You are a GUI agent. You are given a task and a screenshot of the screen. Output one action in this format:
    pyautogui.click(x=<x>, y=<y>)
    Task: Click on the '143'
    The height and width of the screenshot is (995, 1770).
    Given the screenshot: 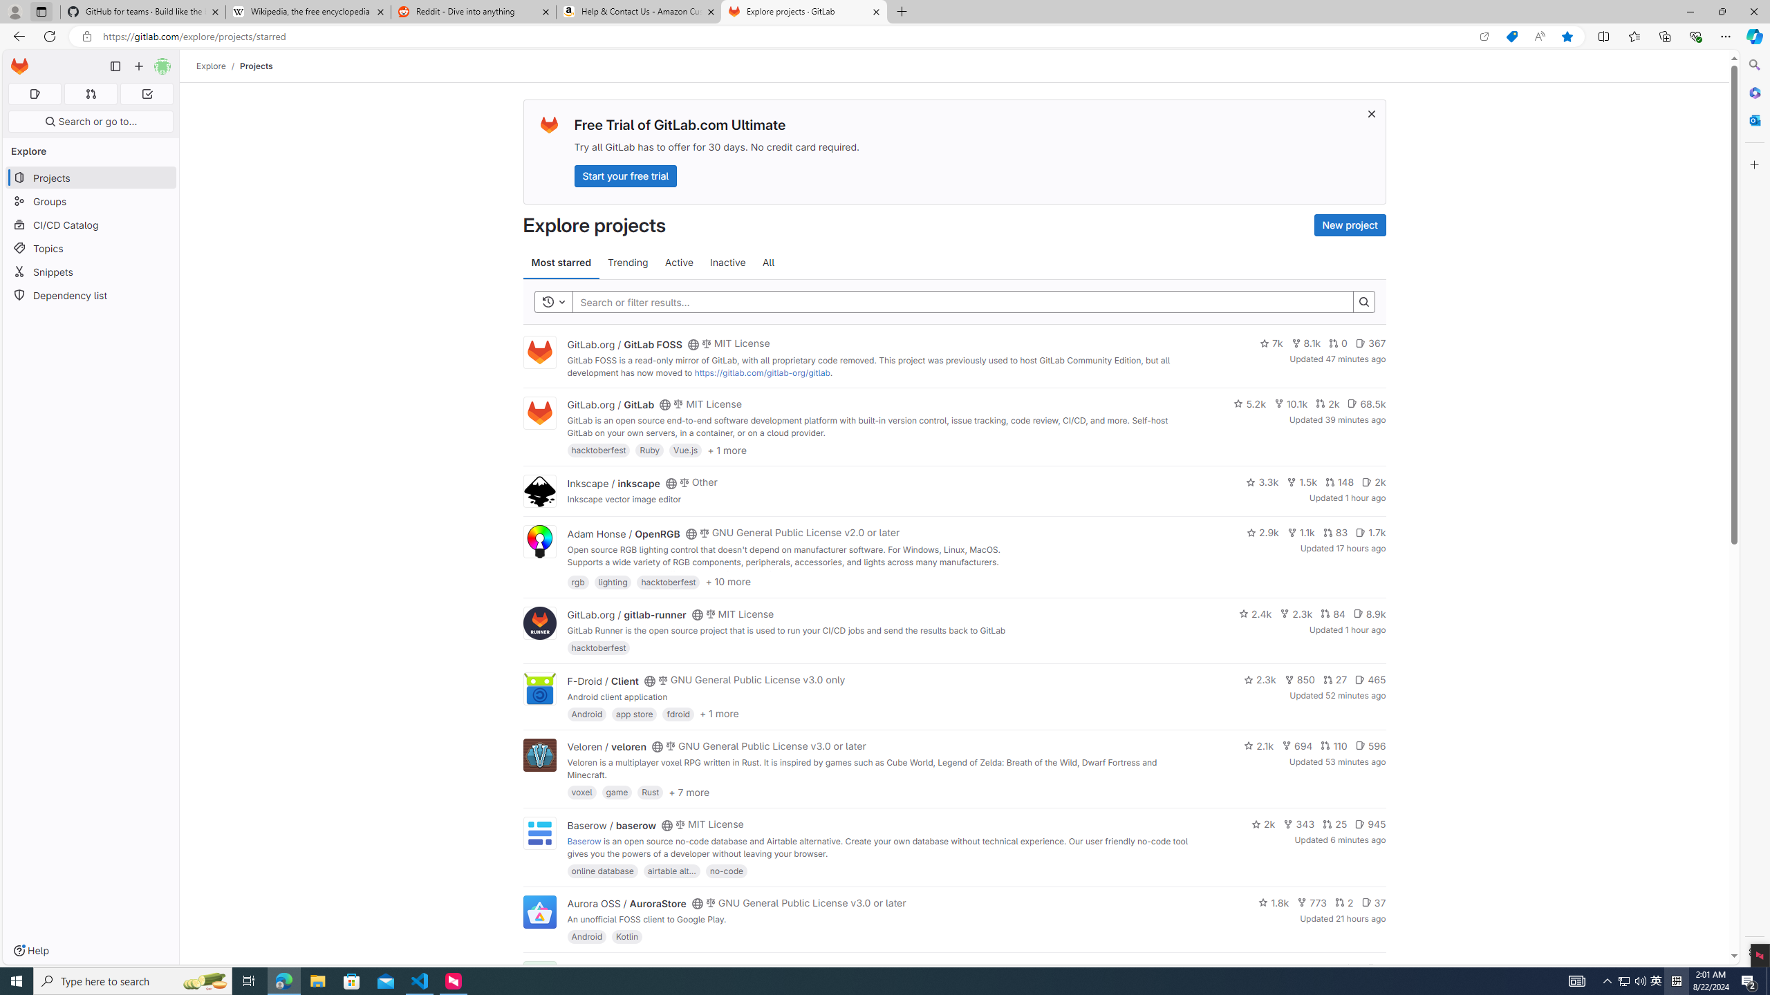 What is the action you would take?
    pyautogui.click(x=1319, y=968)
    